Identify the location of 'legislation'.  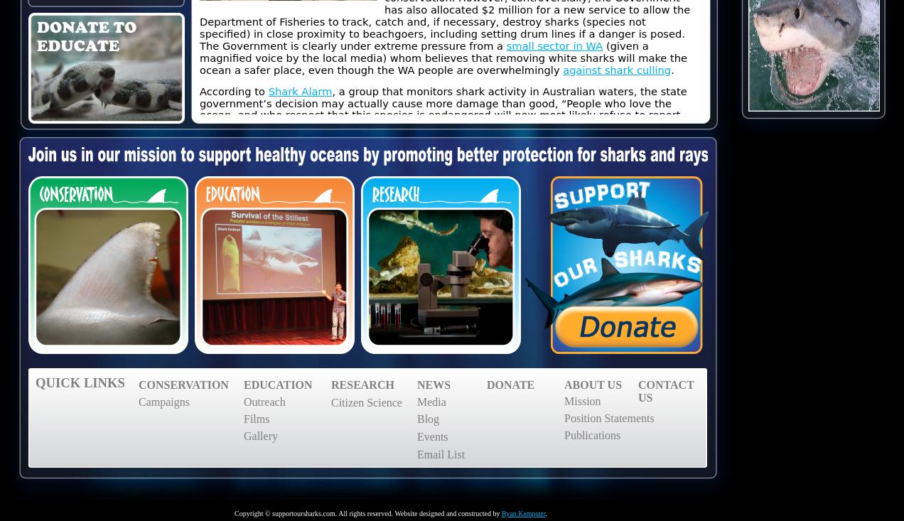
(291, 453).